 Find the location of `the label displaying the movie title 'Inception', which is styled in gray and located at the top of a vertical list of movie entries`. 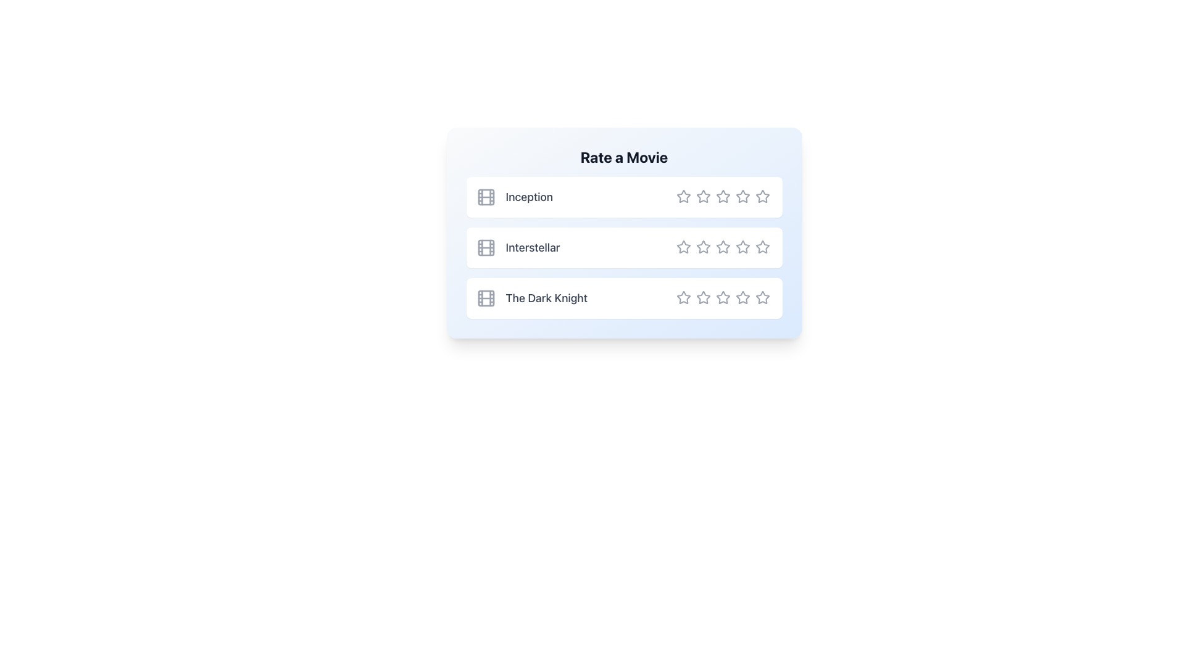

the label displaying the movie title 'Inception', which is styled in gray and located at the top of a vertical list of movie entries is located at coordinates (529, 197).